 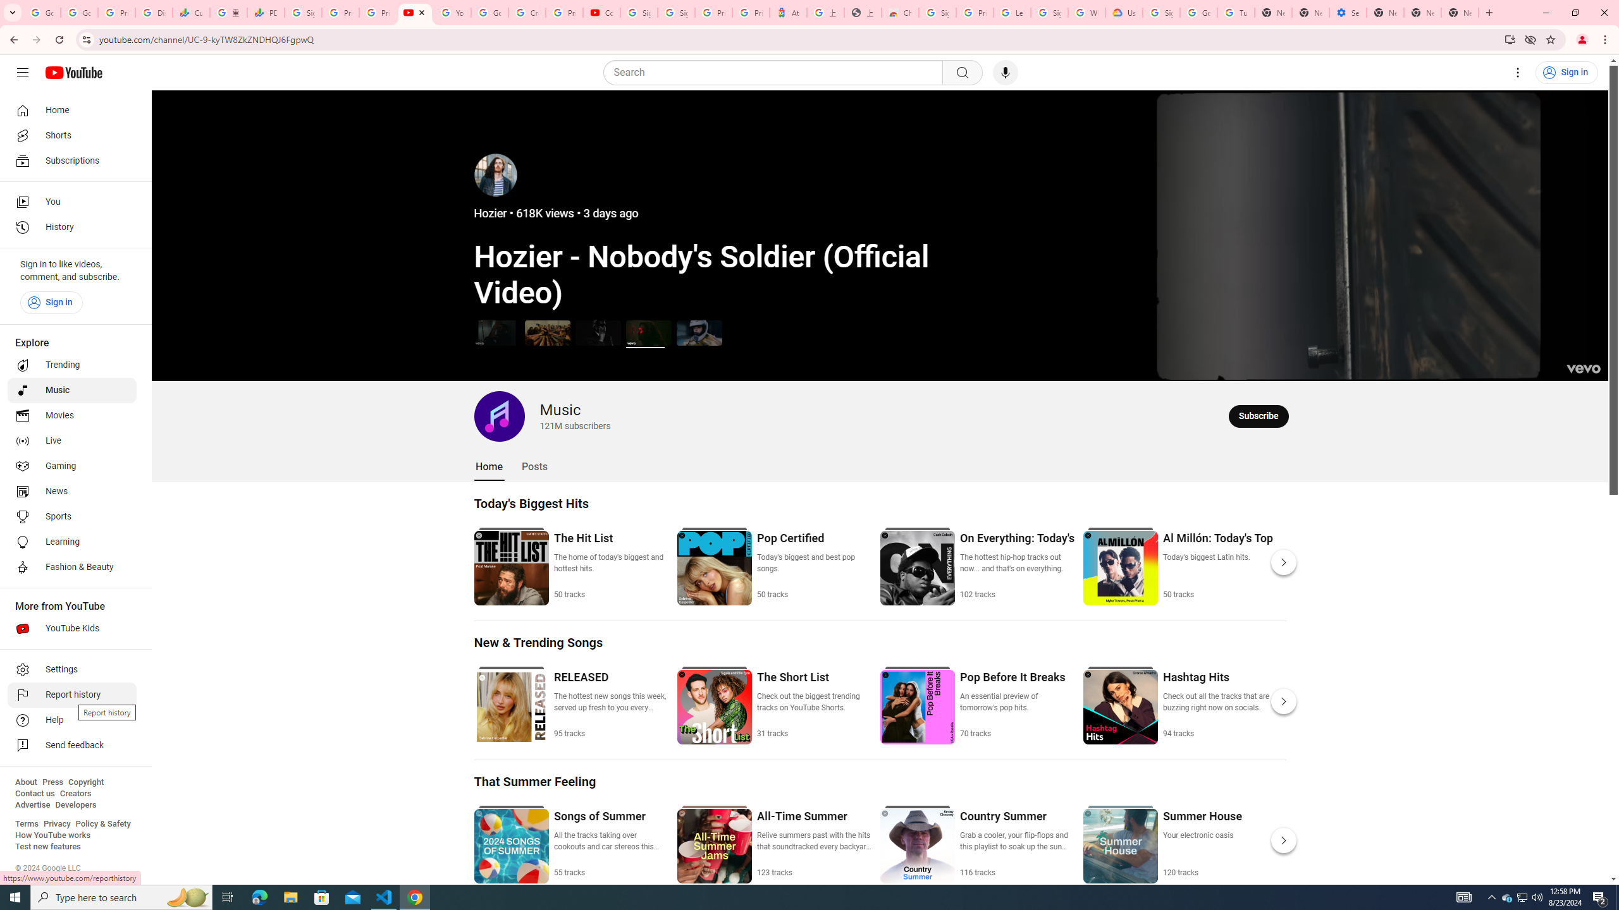 I want to click on 'Content Creator Programs & Opportunities - YouTube Creators', so click(x=601, y=12).